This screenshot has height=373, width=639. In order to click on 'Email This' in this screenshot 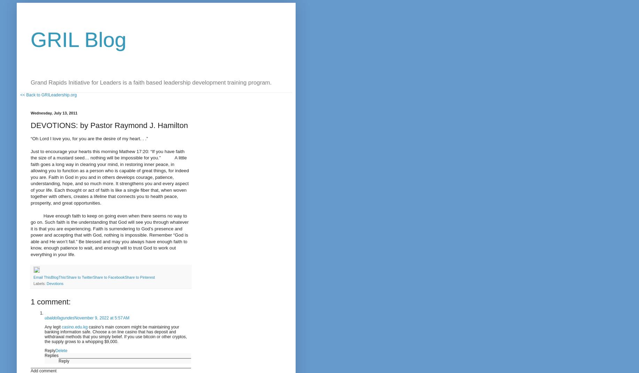, I will do `click(42, 277)`.